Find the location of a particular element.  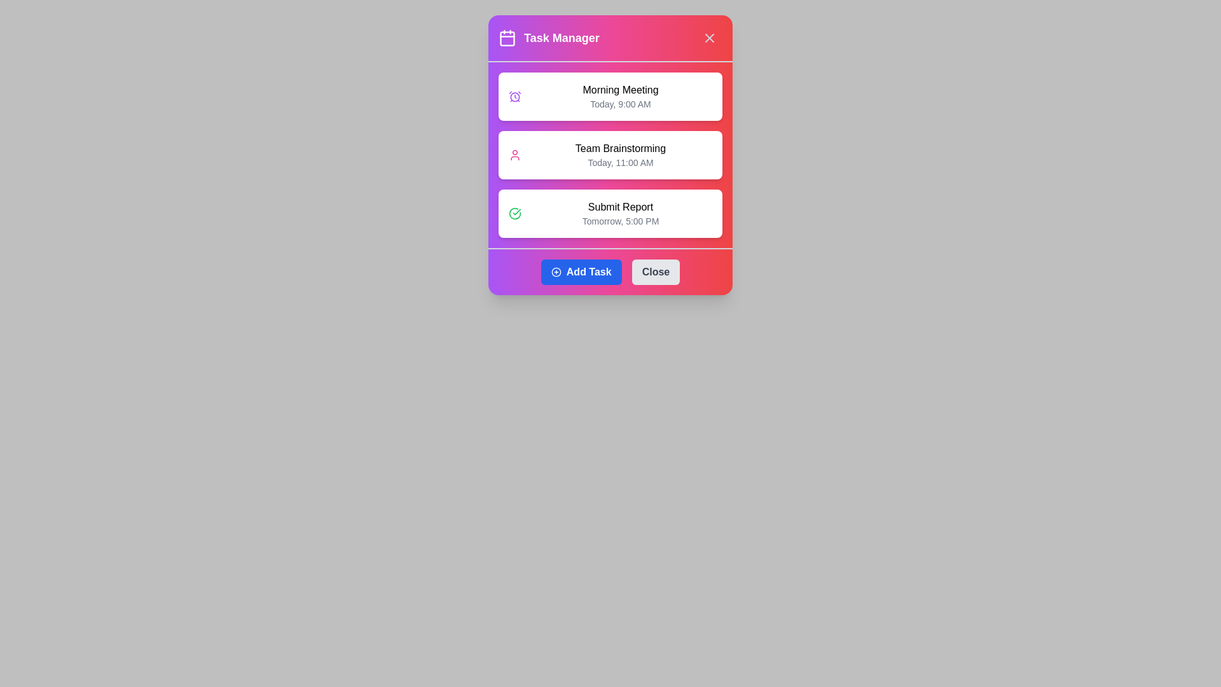

the calendar icon with a purple background and white strokes located at the top left corner of the Task Manager interface is located at coordinates (506, 38).